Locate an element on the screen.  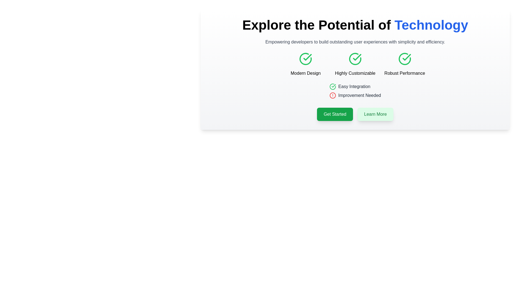
the text label displaying 'Highly Customizable' which is located beneath a green checkmark icon in the central column of a three-column layout is located at coordinates (355, 73).